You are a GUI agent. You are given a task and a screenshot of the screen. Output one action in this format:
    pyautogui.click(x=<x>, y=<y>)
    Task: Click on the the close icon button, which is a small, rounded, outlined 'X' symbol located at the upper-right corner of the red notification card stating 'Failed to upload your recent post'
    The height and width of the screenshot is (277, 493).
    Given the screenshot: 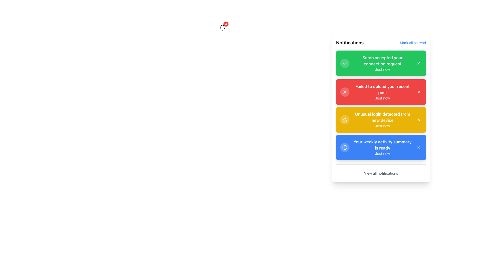 What is the action you would take?
    pyautogui.click(x=419, y=92)
    